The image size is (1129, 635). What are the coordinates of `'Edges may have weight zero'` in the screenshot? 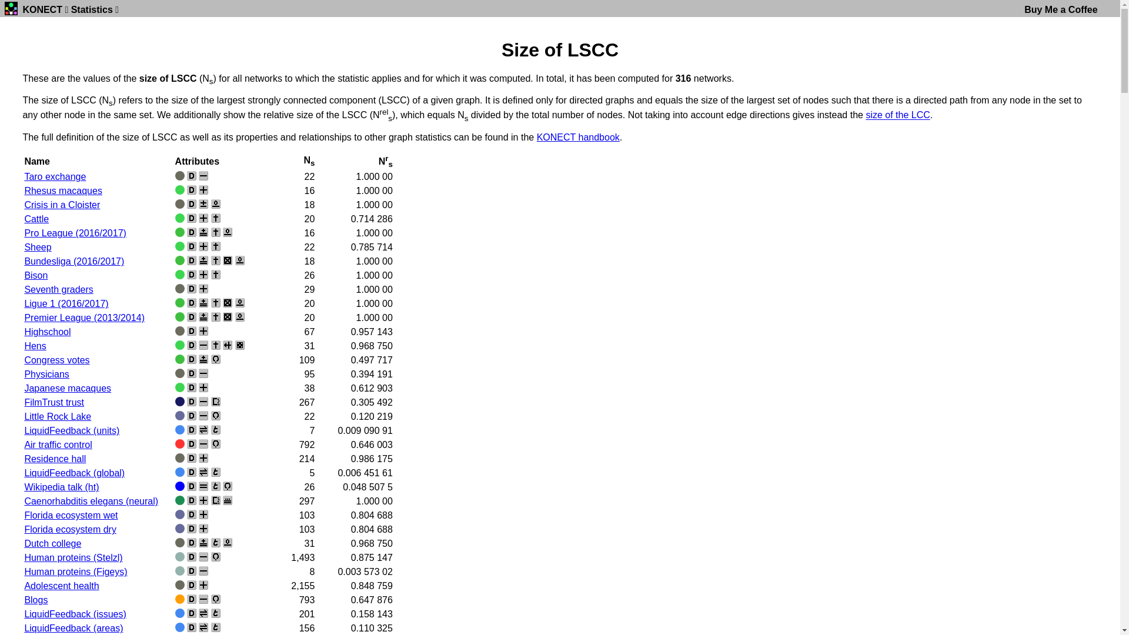 It's located at (228, 232).